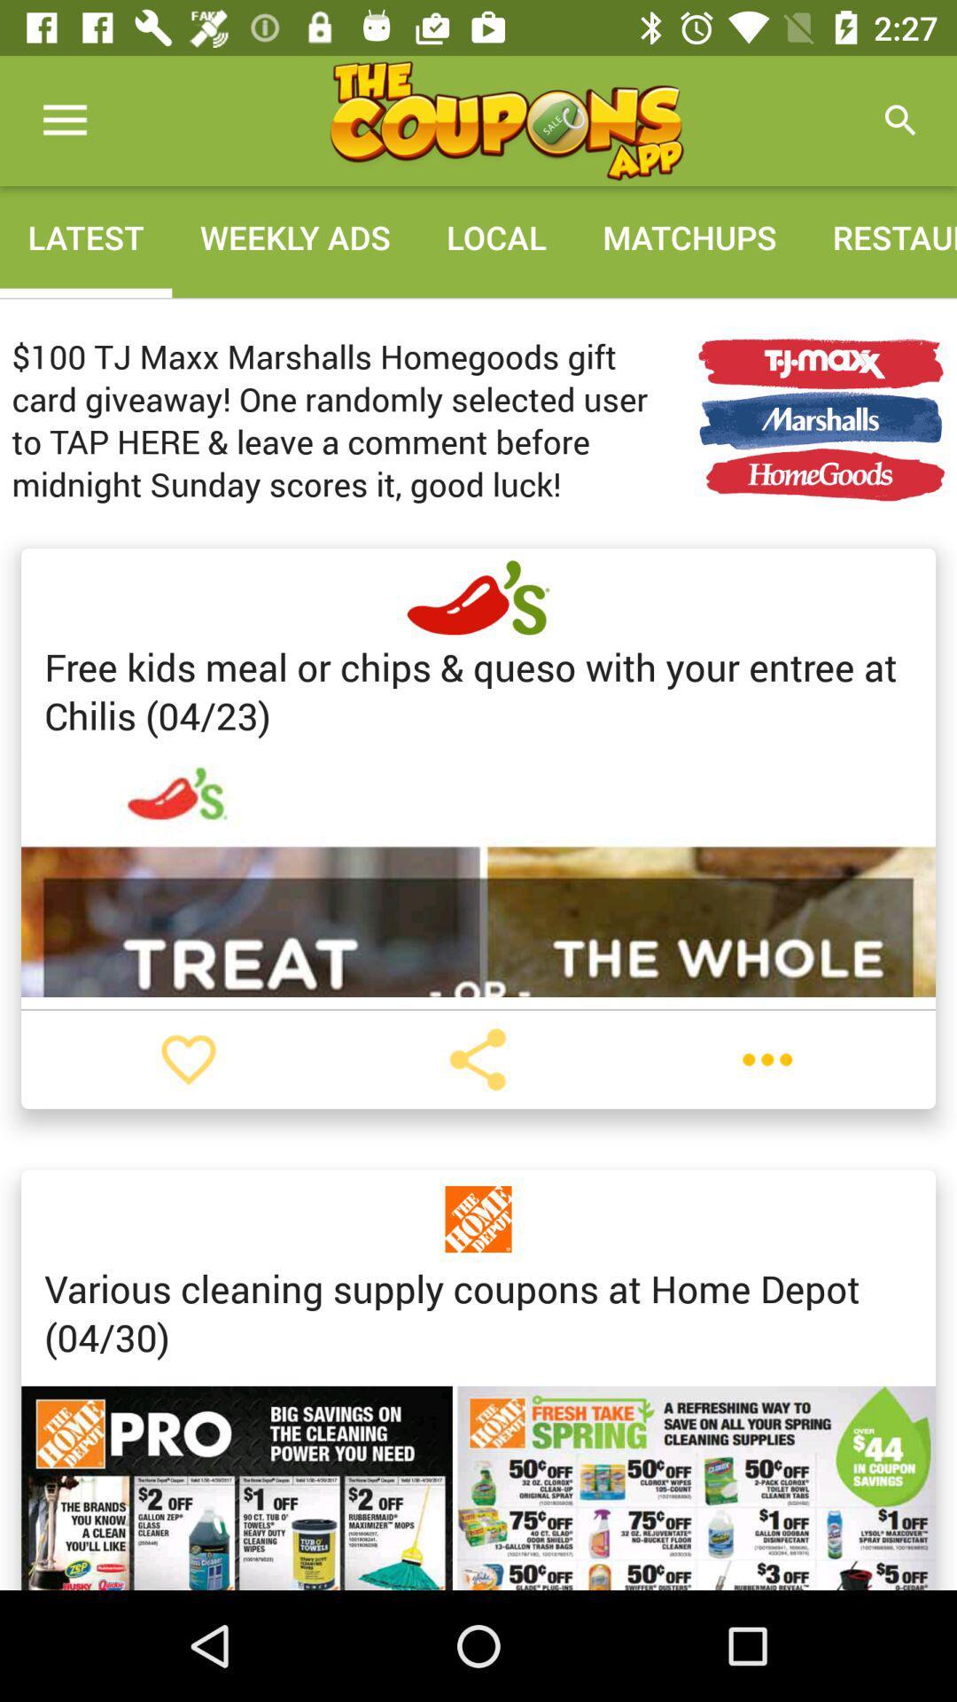  Describe the element at coordinates (188, 1059) in the screenshot. I see `like post button` at that location.